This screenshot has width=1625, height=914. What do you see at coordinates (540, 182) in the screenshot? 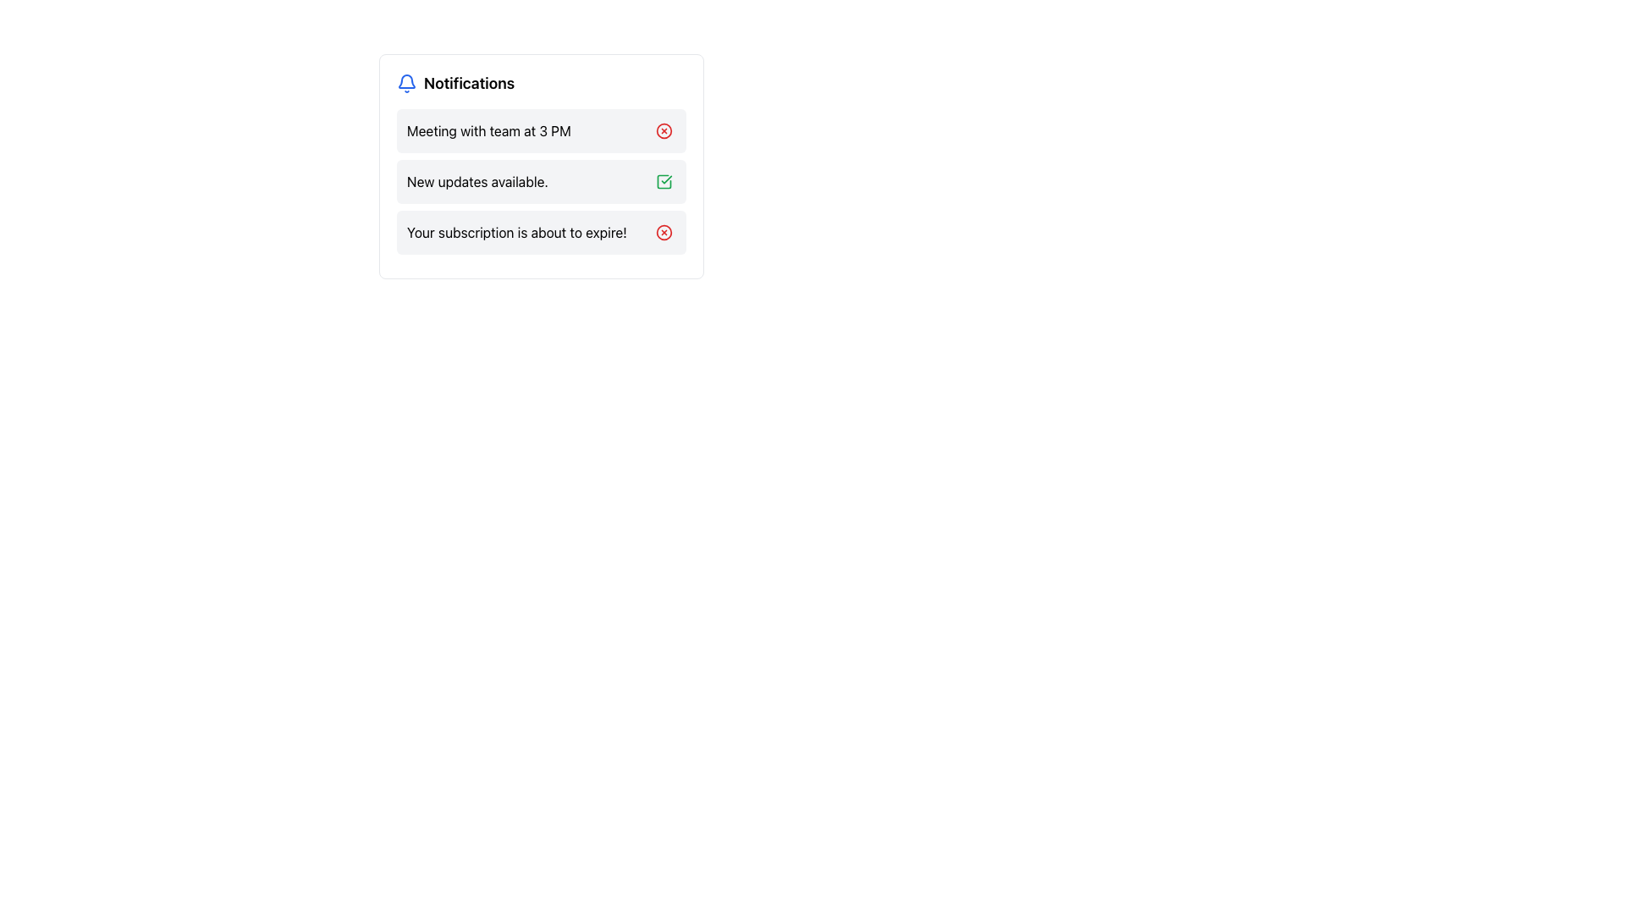
I see `the notification card displaying 'New updates available.' which is the second notification in the list` at bounding box center [540, 182].